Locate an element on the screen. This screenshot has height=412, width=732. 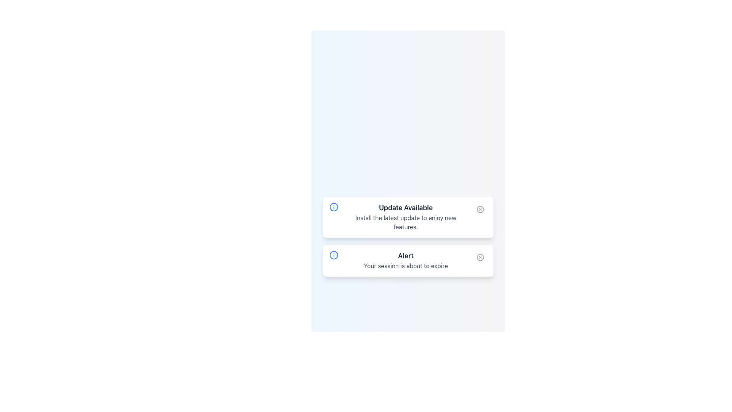
text content located directly underneath the heading 'Update Available' in the card component is located at coordinates (405, 222).